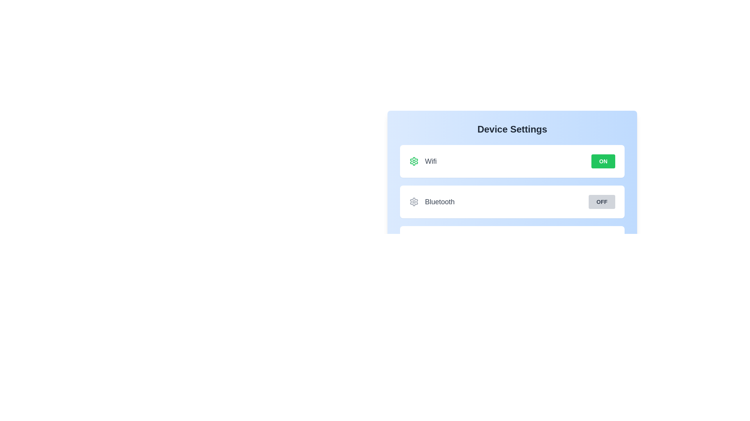 The height and width of the screenshot is (421, 750). What do you see at coordinates (603, 161) in the screenshot?
I see `the ON button for WiFi to toggle the setting` at bounding box center [603, 161].